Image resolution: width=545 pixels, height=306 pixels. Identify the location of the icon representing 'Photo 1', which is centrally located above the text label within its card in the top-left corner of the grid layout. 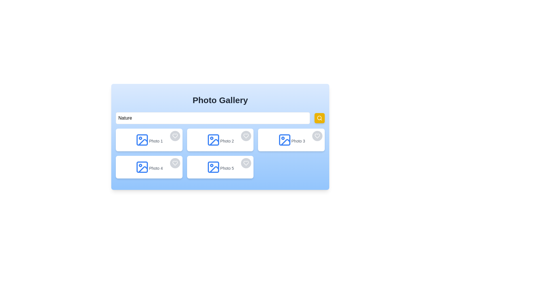
(142, 140).